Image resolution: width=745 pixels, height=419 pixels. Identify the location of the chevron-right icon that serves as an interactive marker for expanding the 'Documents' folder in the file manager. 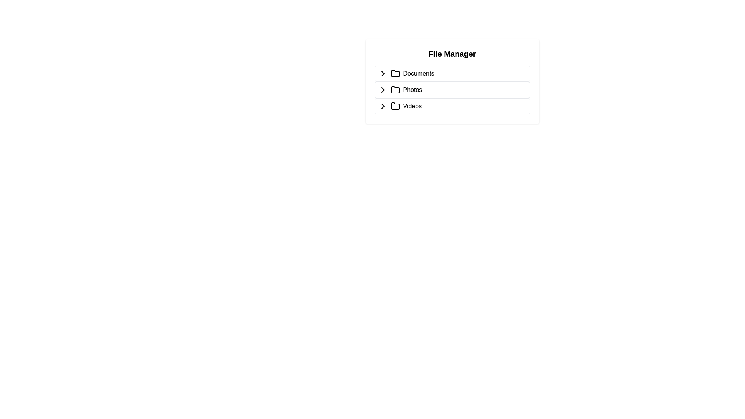
(383, 73).